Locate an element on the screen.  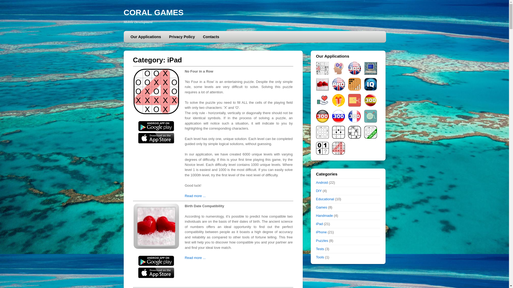
'Read more ...' is located at coordinates (195, 196).